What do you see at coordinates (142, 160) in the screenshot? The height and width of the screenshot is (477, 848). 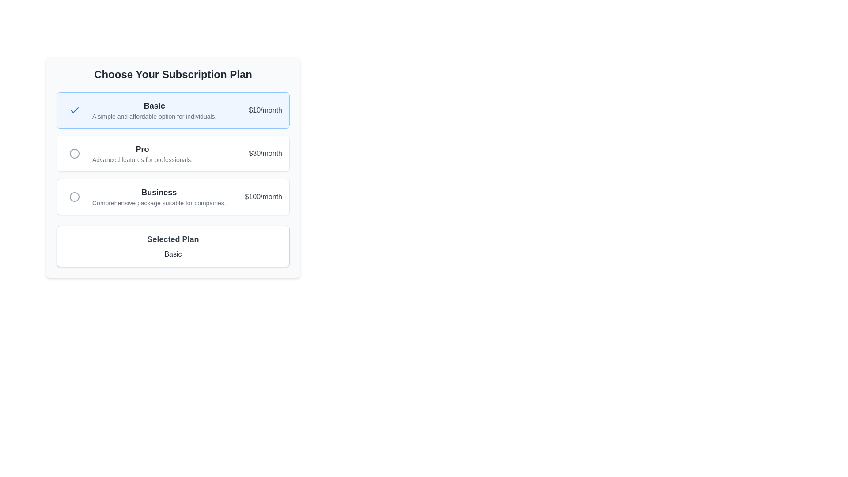 I see `the text 'Advanced features for professionals.' located below the 'Pro' header` at bounding box center [142, 160].